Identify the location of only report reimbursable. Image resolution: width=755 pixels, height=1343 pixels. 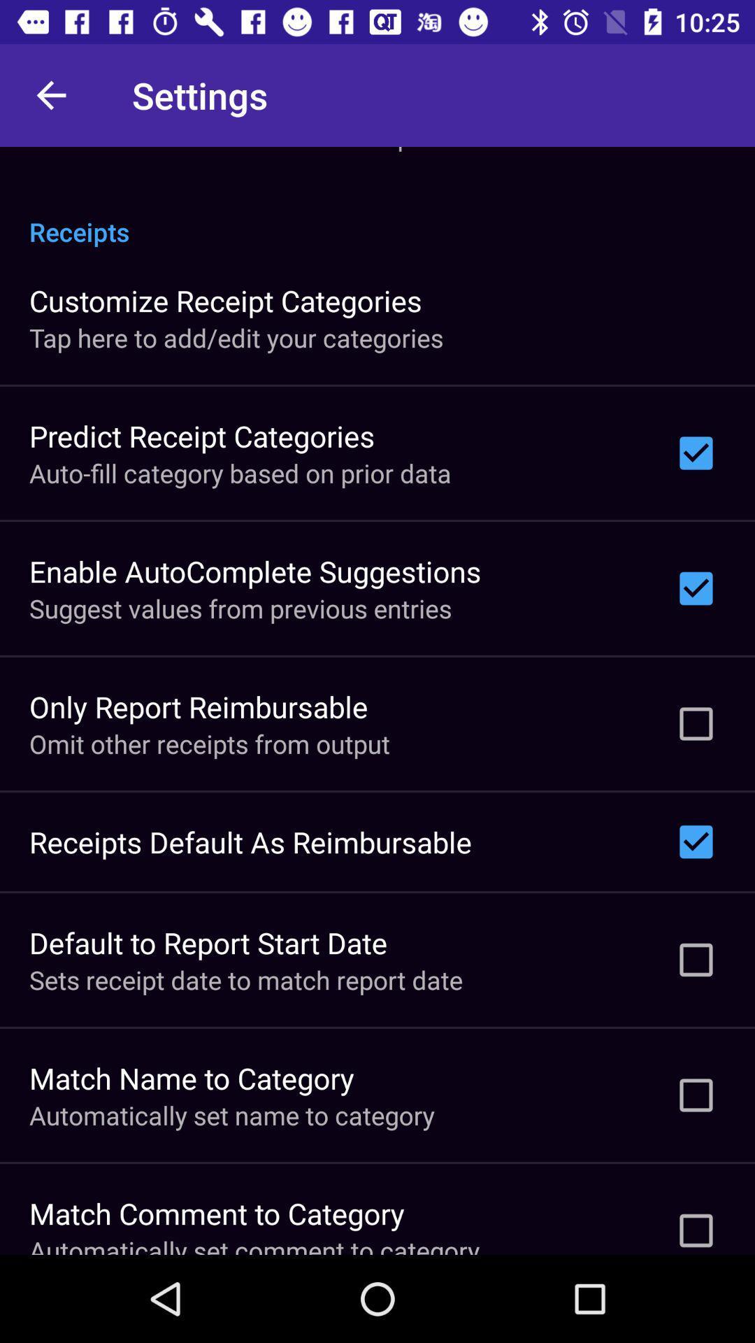
(199, 706).